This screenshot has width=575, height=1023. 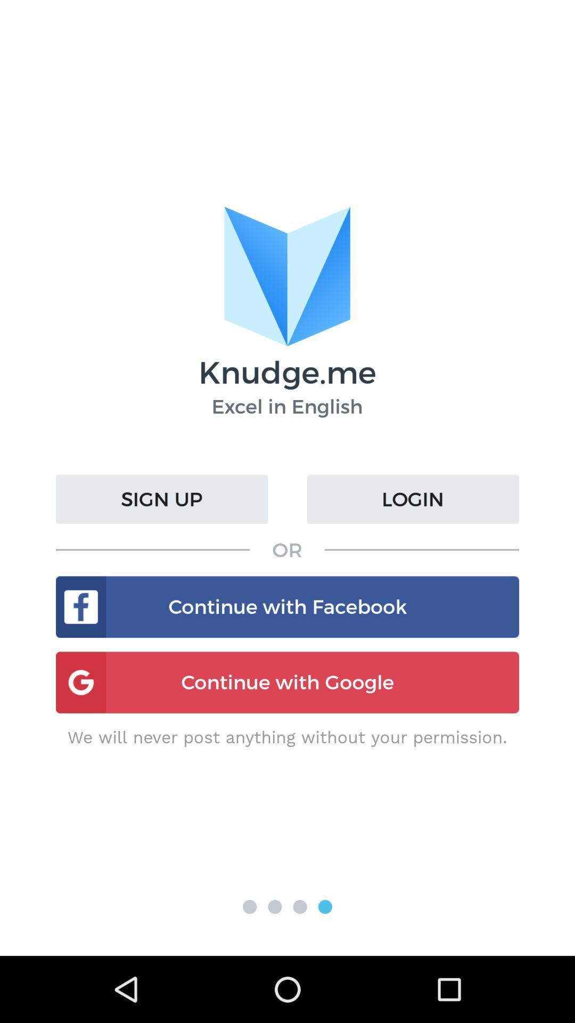 What do you see at coordinates (287, 683) in the screenshot?
I see `the button continue with google on the web page` at bounding box center [287, 683].